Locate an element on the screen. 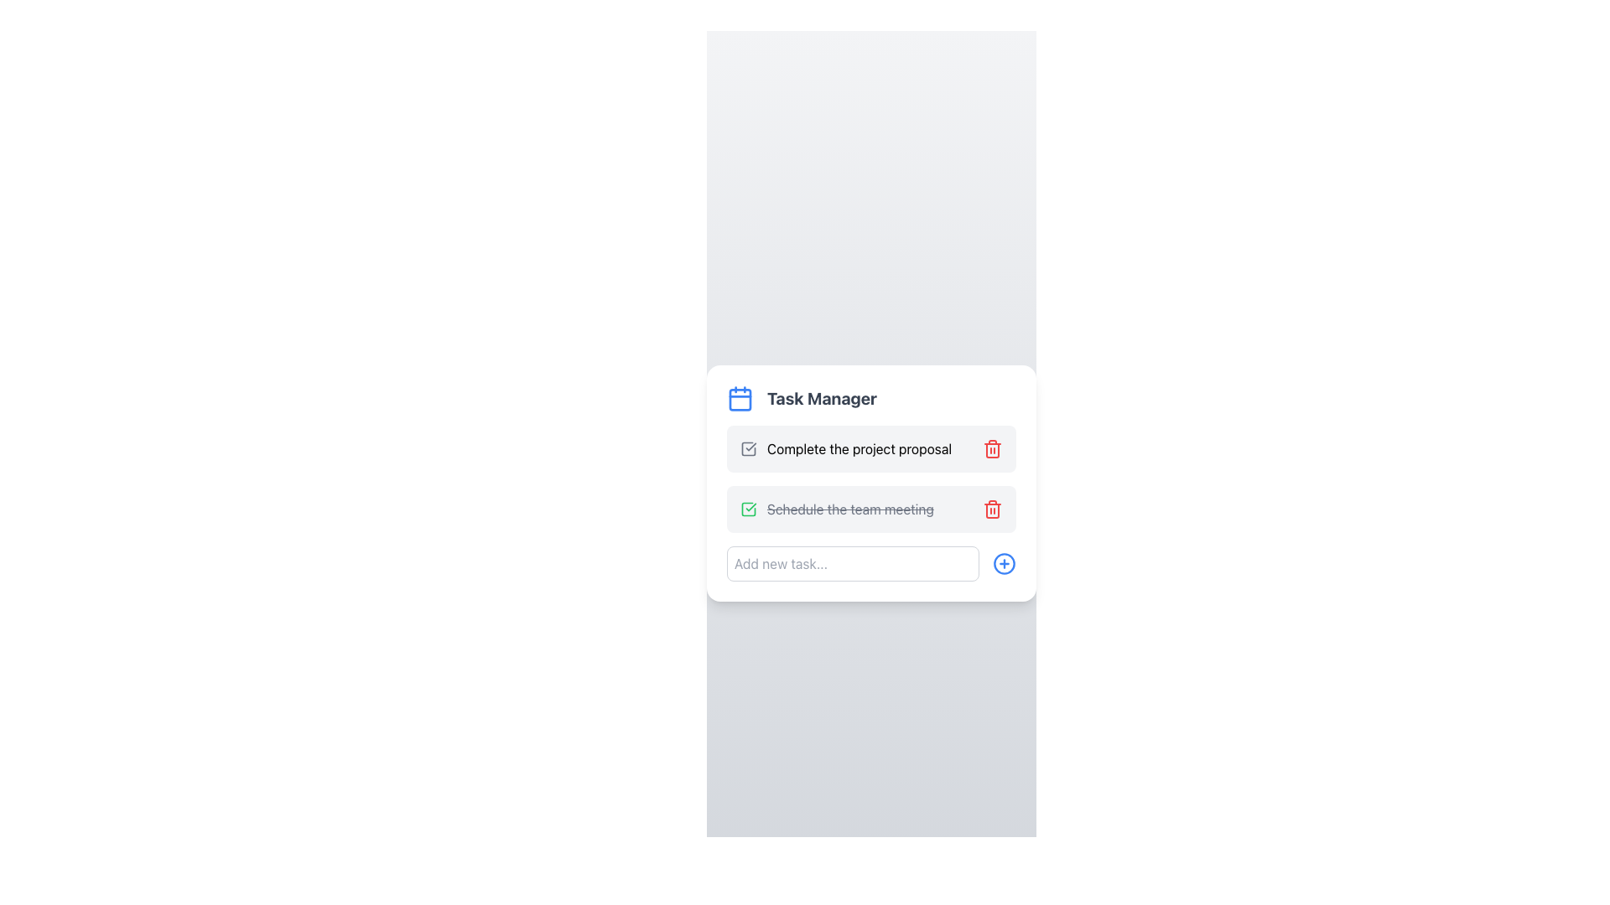 The image size is (1610, 905). the text 'Complete the project proposal' is located at coordinates (845, 448).